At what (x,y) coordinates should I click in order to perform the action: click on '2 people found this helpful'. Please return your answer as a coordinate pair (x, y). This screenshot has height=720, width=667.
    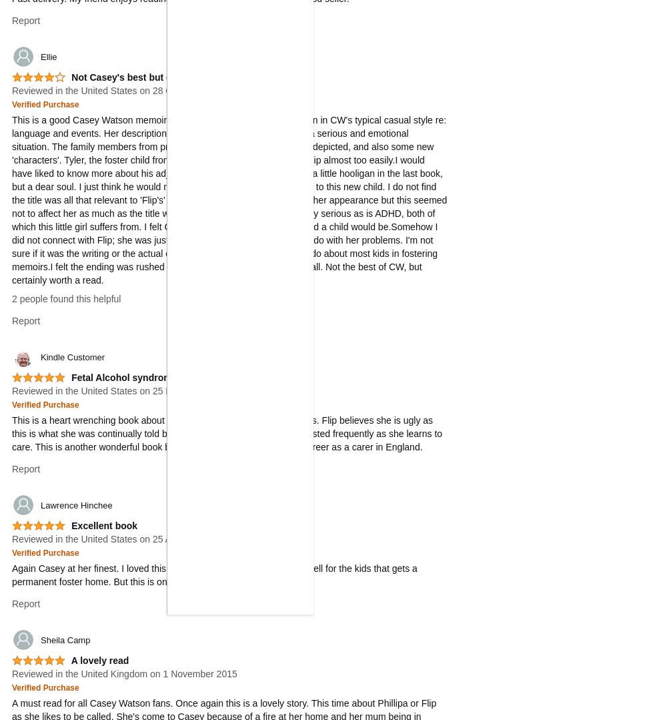
    Looking at the image, I should click on (65, 299).